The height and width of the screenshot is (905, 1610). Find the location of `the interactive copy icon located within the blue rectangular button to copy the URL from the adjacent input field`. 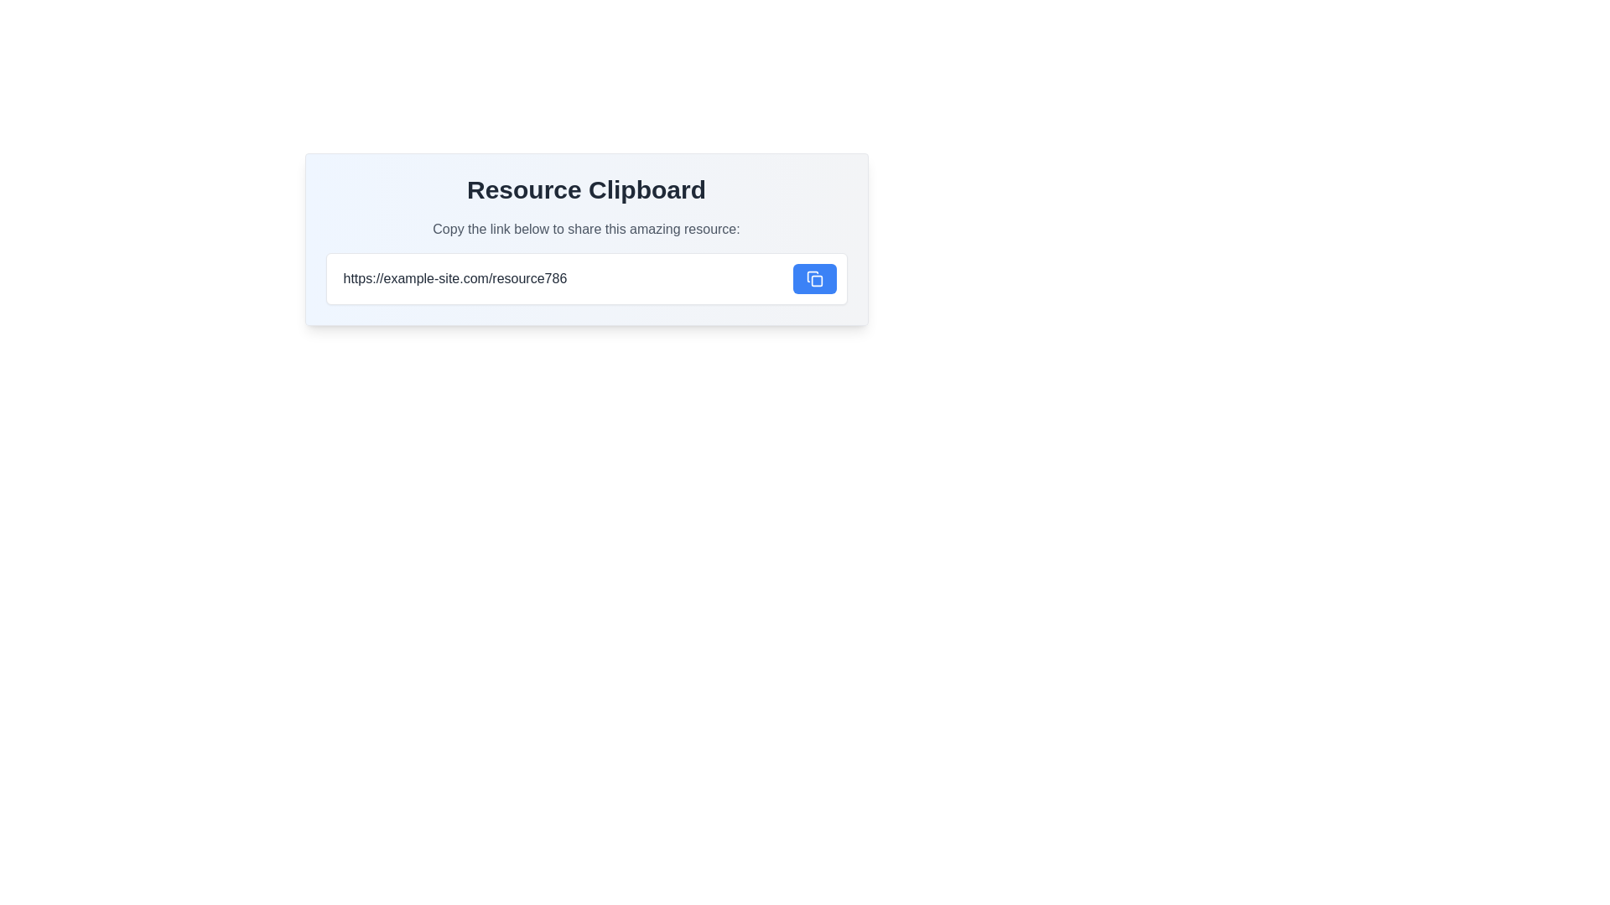

the interactive copy icon located within the blue rectangular button to copy the URL from the adjacent input field is located at coordinates (814, 277).